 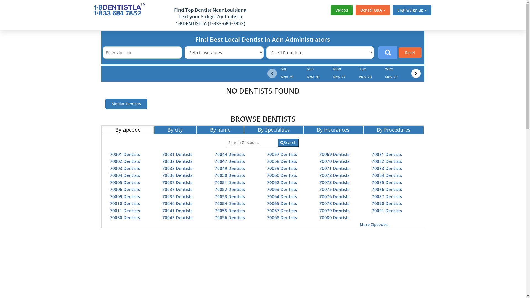 What do you see at coordinates (230, 168) in the screenshot?
I see `'70049 Dentists'` at bounding box center [230, 168].